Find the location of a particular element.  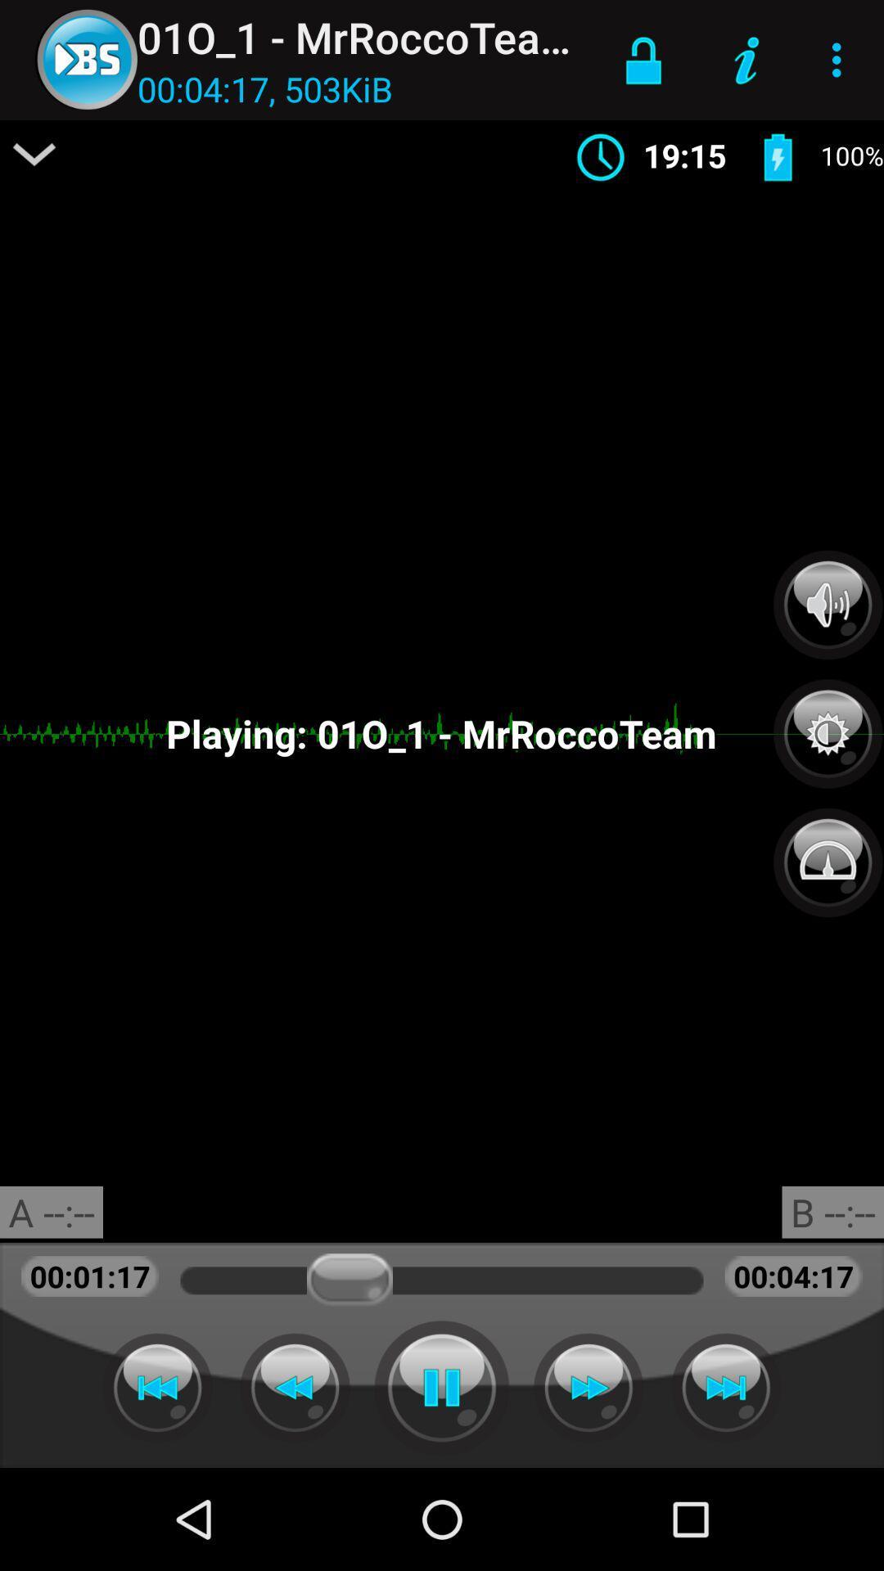

the av_rewind icon is located at coordinates (157, 1387).